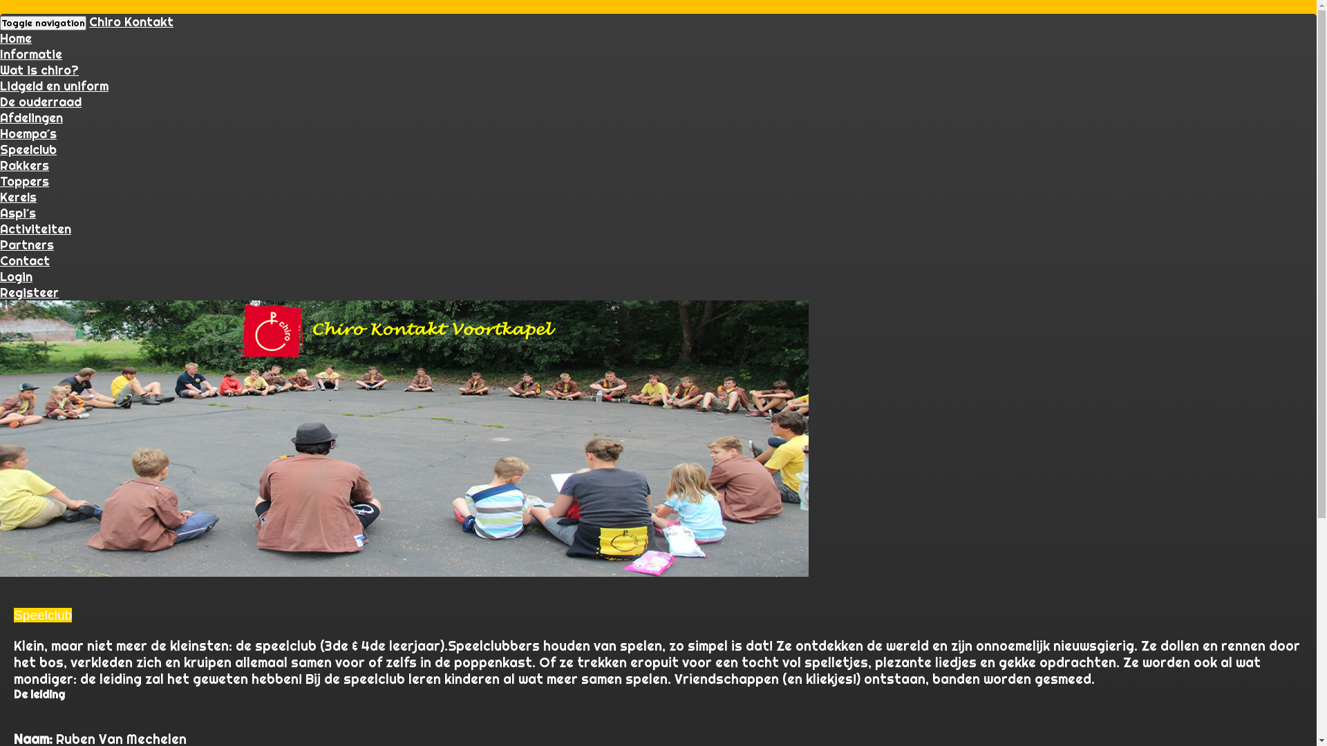  Describe the element at coordinates (18, 197) in the screenshot. I see `'Kerels'` at that location.